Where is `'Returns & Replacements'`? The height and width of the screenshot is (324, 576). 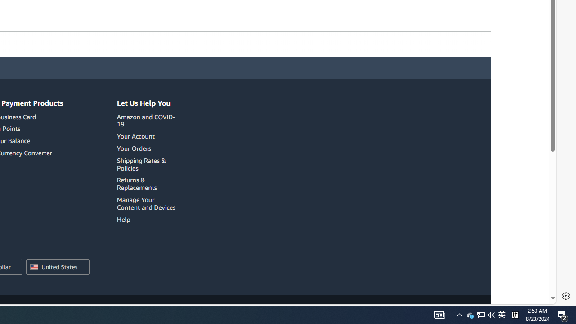
'Returns & Replacements' is located at coordinates (136, 183).